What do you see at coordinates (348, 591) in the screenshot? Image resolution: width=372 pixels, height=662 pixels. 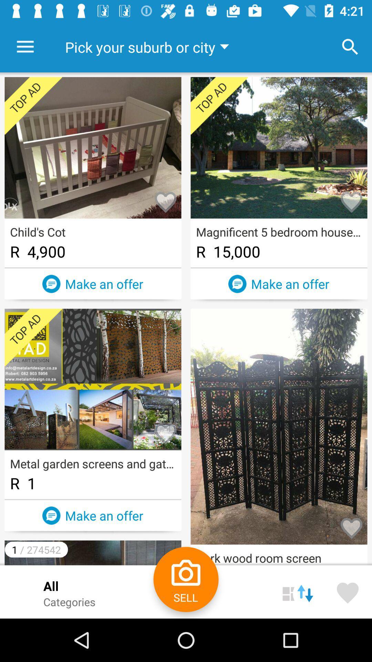 I see `the favorite icon` at bounding box center [348, 591].